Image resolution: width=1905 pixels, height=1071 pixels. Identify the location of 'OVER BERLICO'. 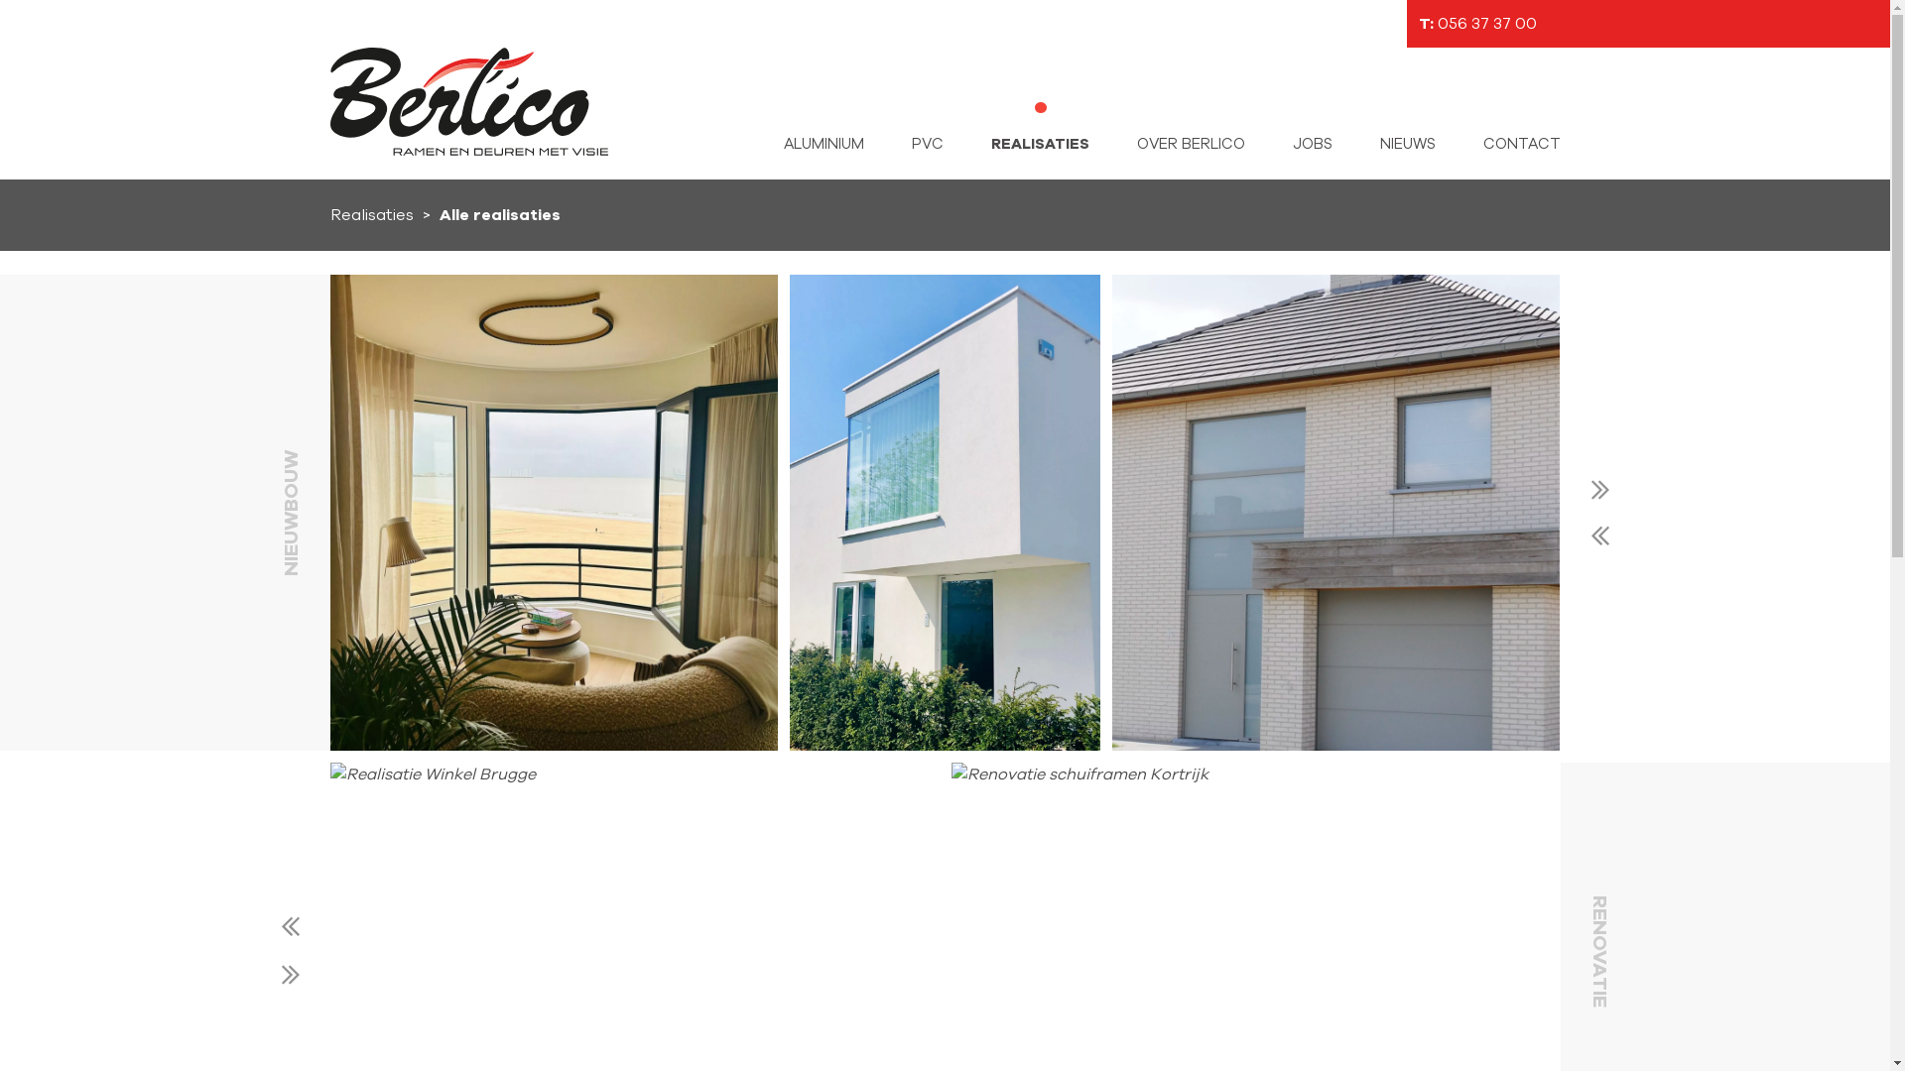
(1191, 143).